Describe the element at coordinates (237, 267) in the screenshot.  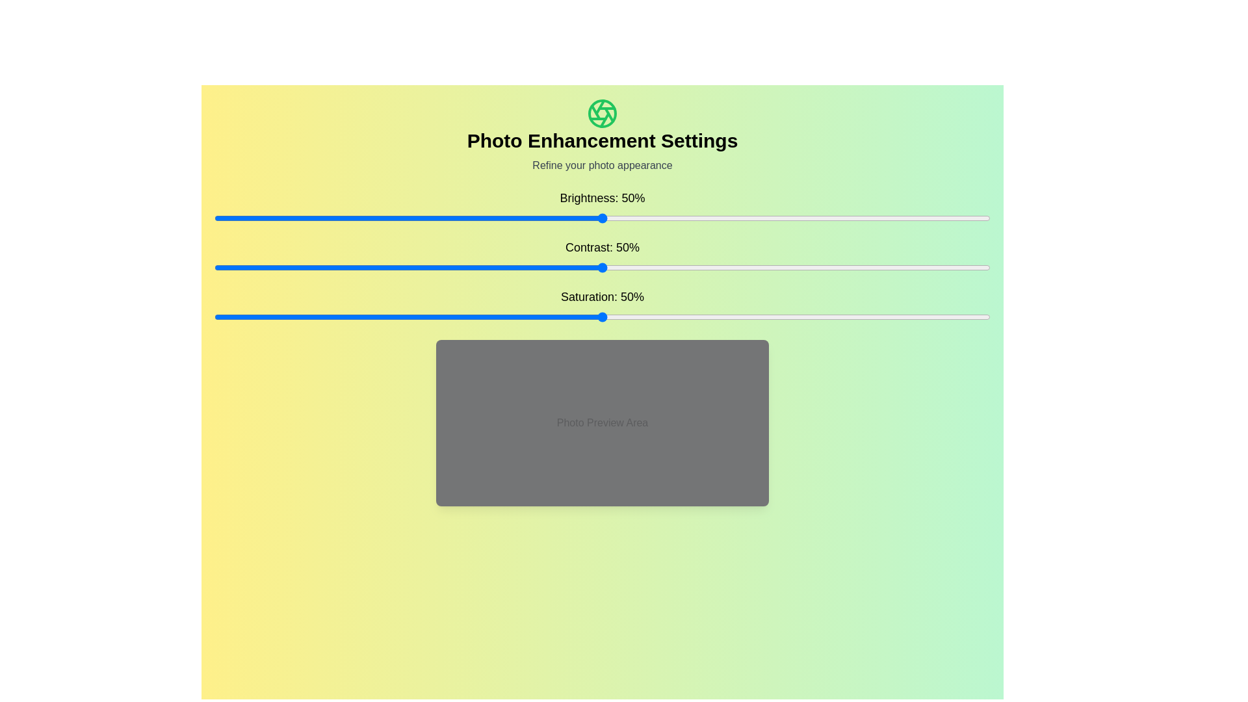
I see `the contrast slider to set the contrast to 3%` at that location.